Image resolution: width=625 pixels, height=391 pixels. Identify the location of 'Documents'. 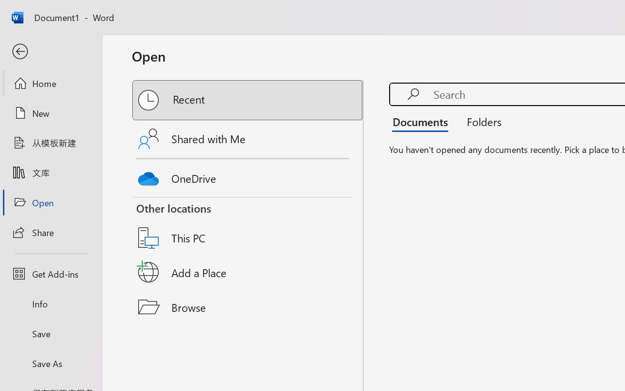
(423, 121).